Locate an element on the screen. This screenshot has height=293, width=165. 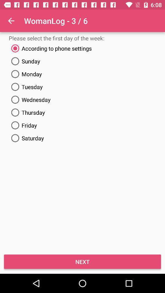
item above tuesday item is located at coordinates (82, 74).